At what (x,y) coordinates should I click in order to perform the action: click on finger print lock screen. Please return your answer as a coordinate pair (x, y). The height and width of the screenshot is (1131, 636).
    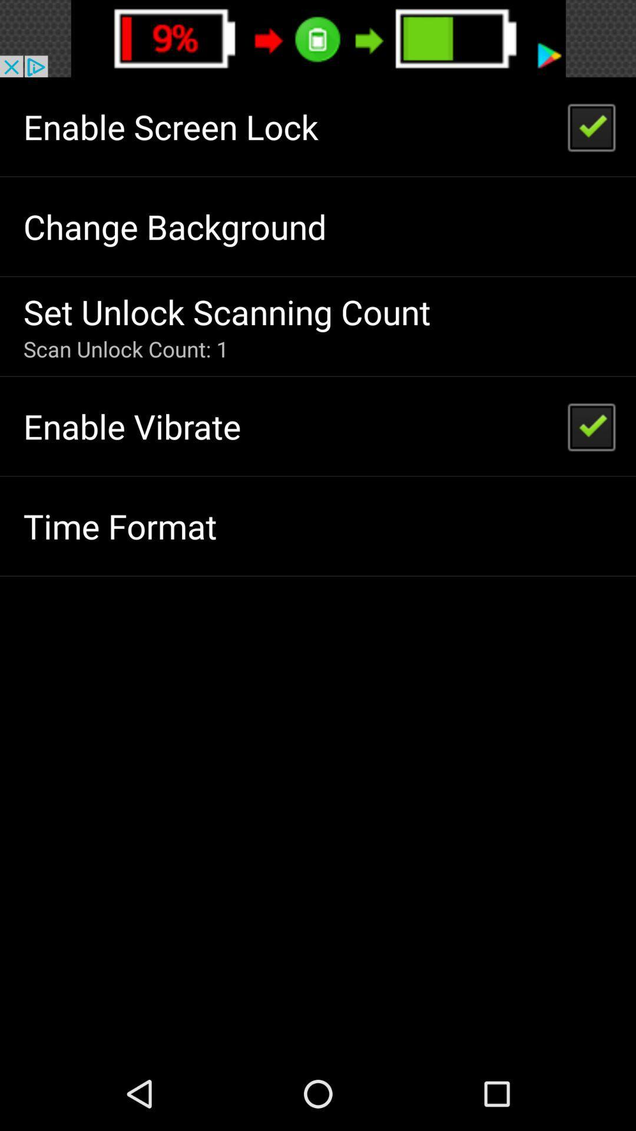
    Looking at the image, I should click on (318, 38).